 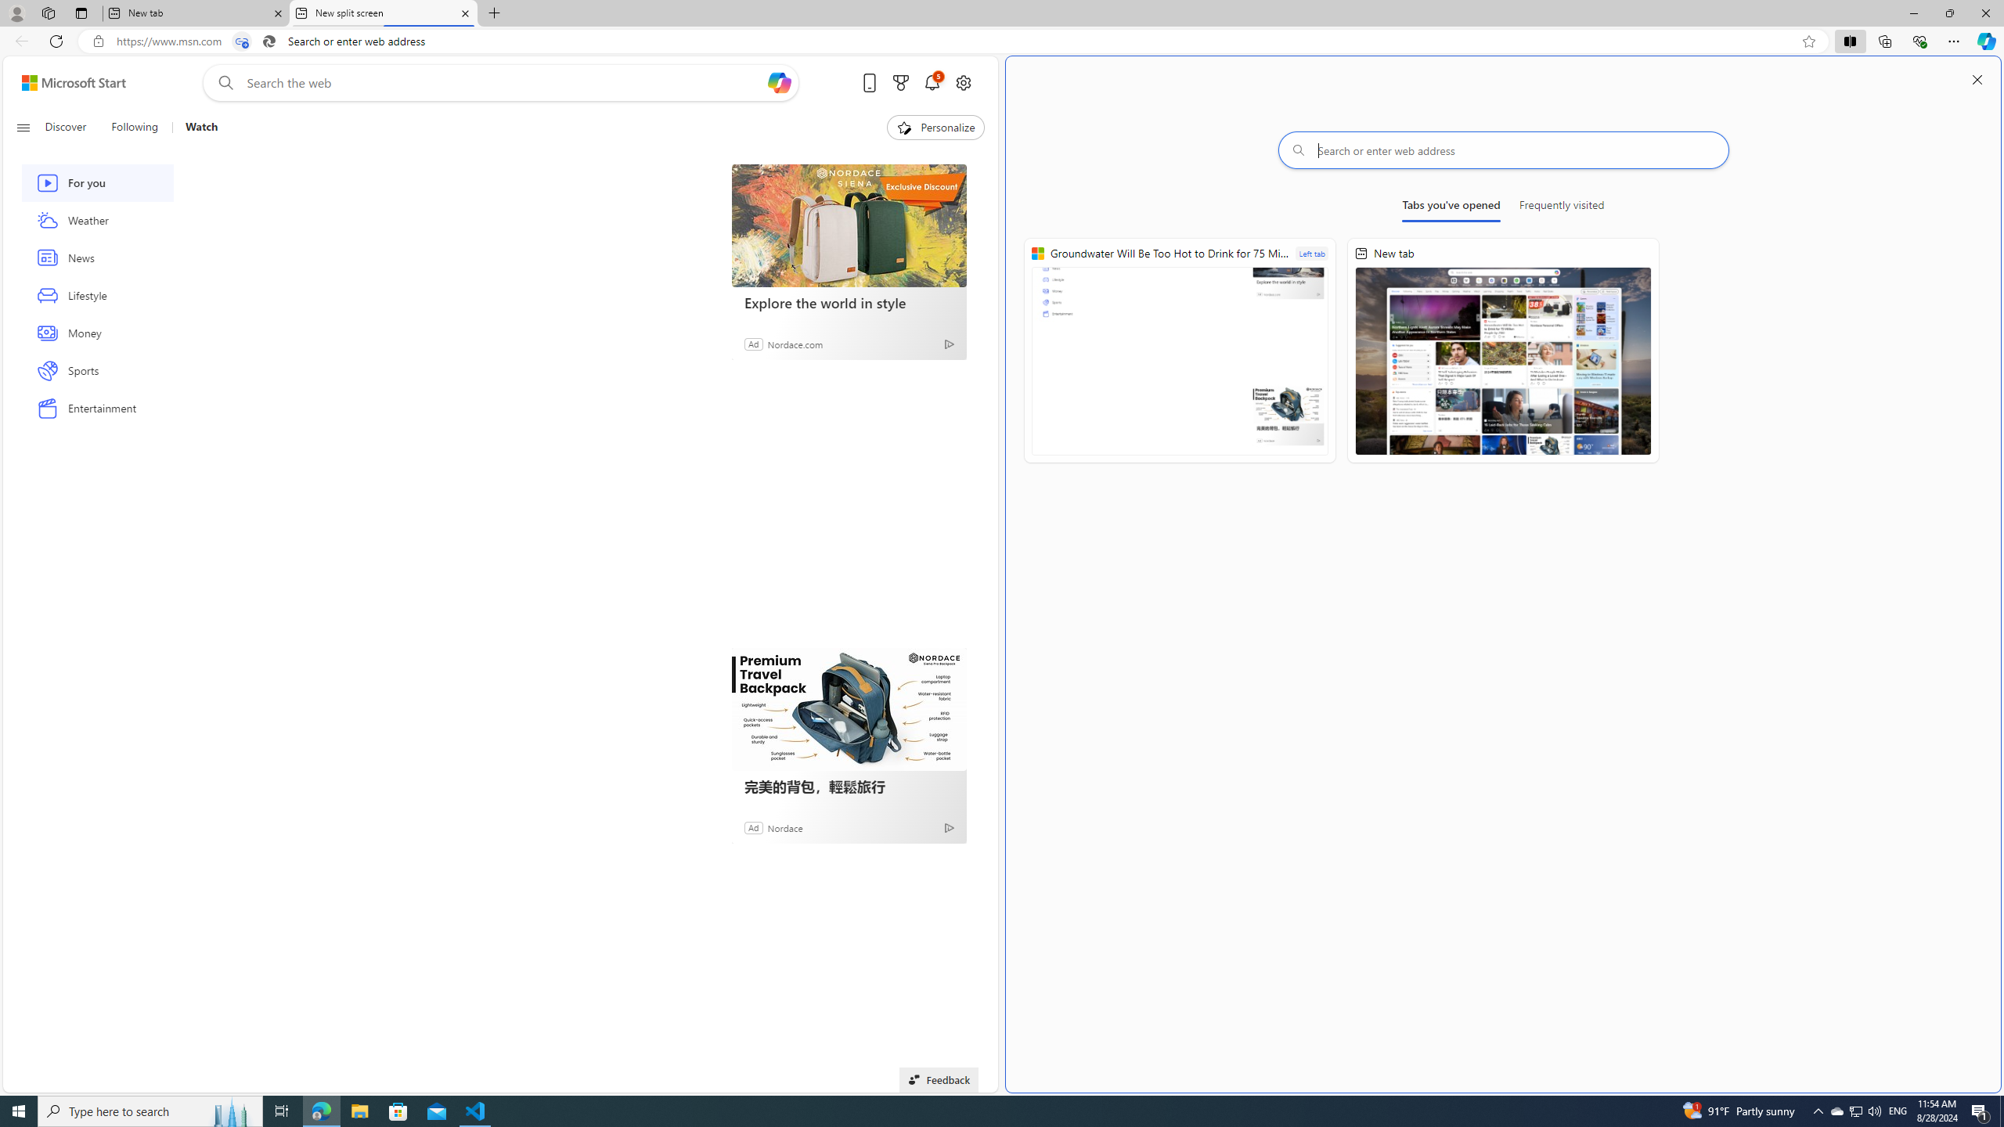 I want to click on 'Personalize', so click(x=935, y=127).